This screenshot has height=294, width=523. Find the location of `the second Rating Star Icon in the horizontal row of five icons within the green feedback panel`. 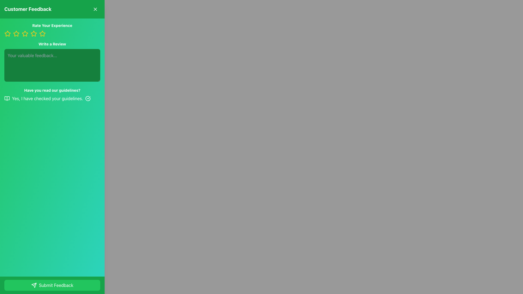

the second Rating Star Icon in the horizontal row of five icons within the green feedback panel is located at coordinates (42, 33).